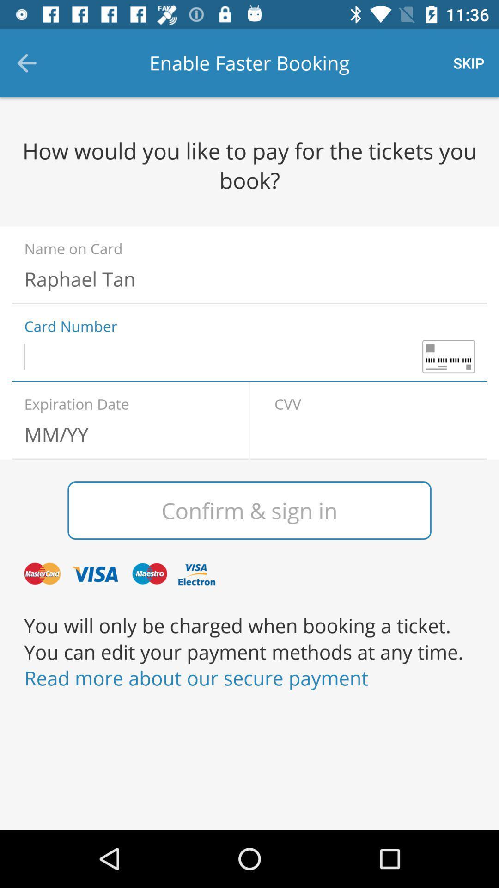 This screenshot has height=888, width=499. What do you see at coordinates (124, 434) in the screenshot?
I see `credit card expiration date` at bounding box center [124, 434].